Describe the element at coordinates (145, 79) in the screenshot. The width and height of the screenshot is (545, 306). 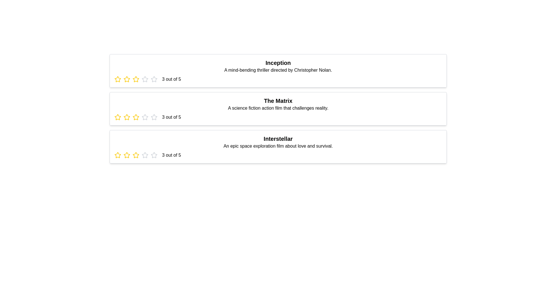
I see `the star corresponding to 4 stars for the movie titled Inception` at that location.